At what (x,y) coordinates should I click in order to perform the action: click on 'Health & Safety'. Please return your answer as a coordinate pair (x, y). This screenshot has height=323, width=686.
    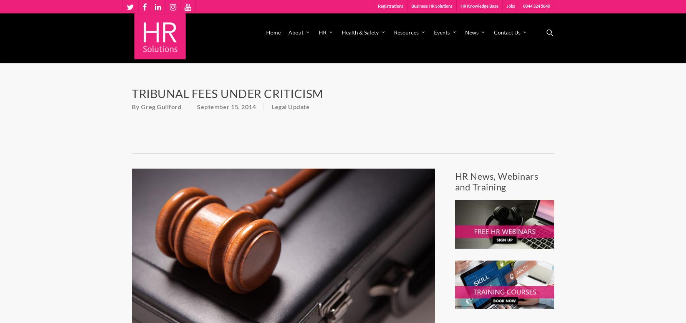
    Looking at the image, I should click on (341, 32).